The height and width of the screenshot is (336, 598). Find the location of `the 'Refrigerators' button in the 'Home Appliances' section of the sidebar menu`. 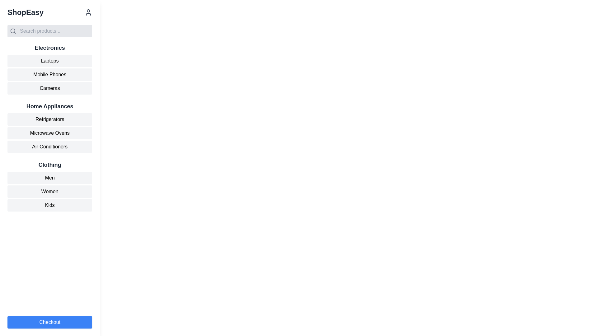

the 'Refrigerators' button in the 'Home Appliances' section of the sidebar menu is located at coordinates (49, 119).